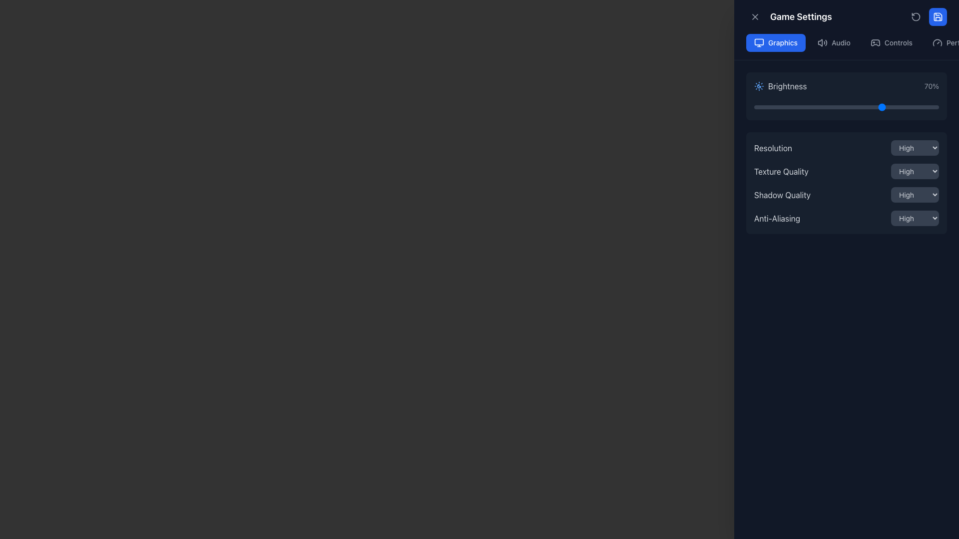  What do you see at coordinates (777, 218) in the screenshot?
I see `the 'Anti-Aliasing' label, which is a light-colored text against a dark background located in the graphical settings panel` at bounding box center [777, 218].